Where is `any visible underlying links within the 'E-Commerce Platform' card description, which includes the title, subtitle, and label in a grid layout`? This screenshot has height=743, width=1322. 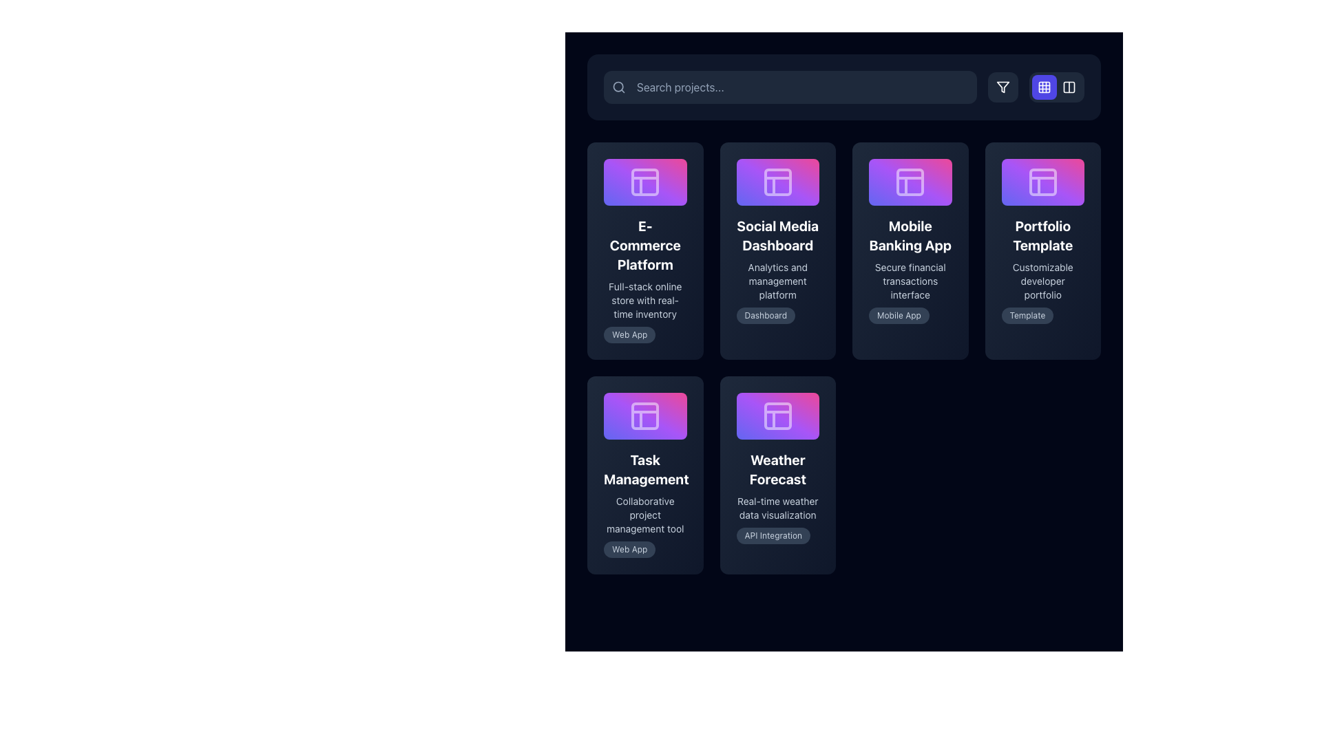
any visible underlying links within the 'E-Commerce Platform' card description, which includes the title, subtitle, and label in a grid layout is located at coordinates (644, 279).